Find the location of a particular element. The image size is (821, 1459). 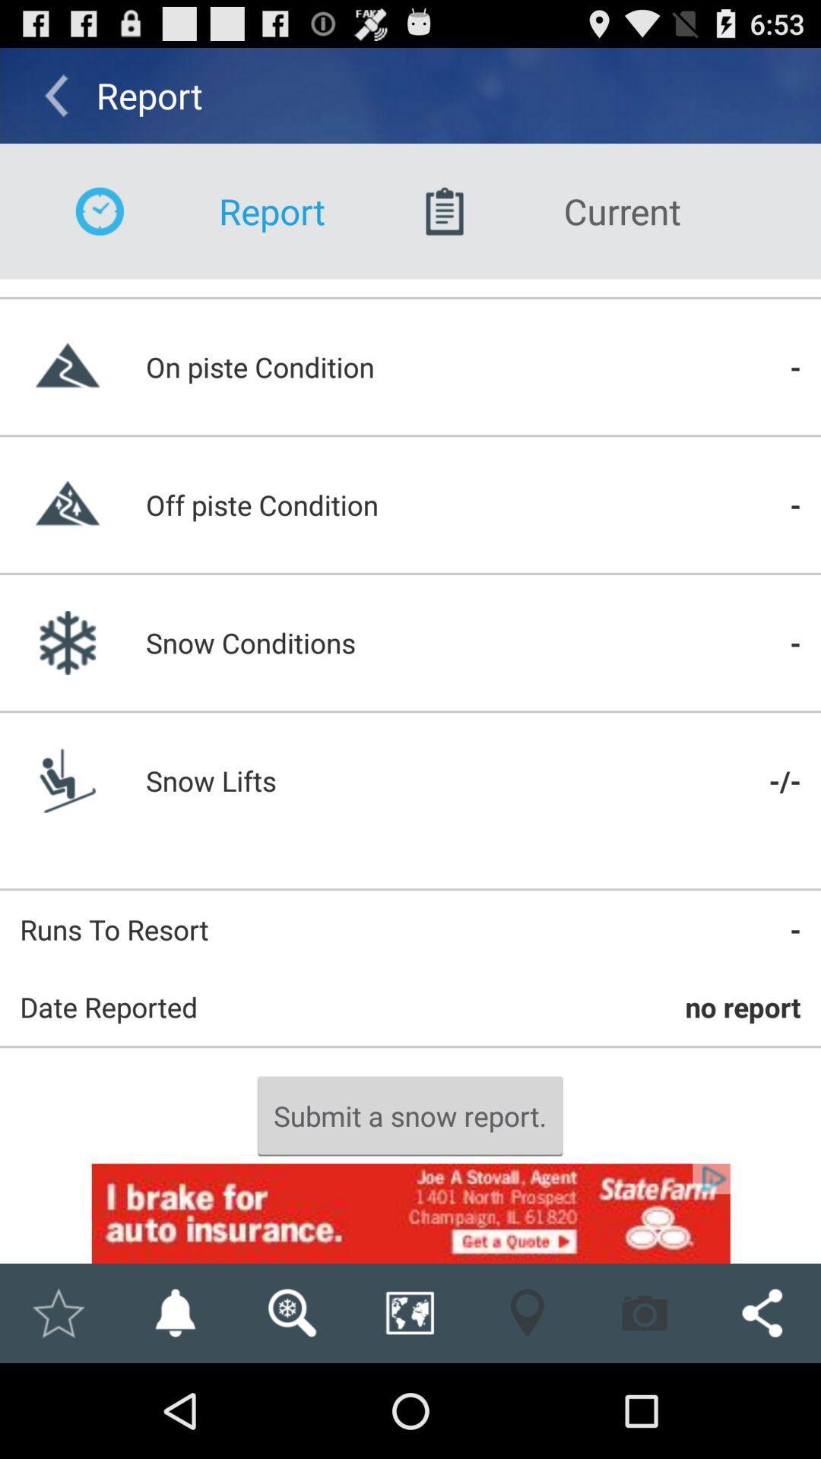

book mark is located at coordinates (57, 1312).